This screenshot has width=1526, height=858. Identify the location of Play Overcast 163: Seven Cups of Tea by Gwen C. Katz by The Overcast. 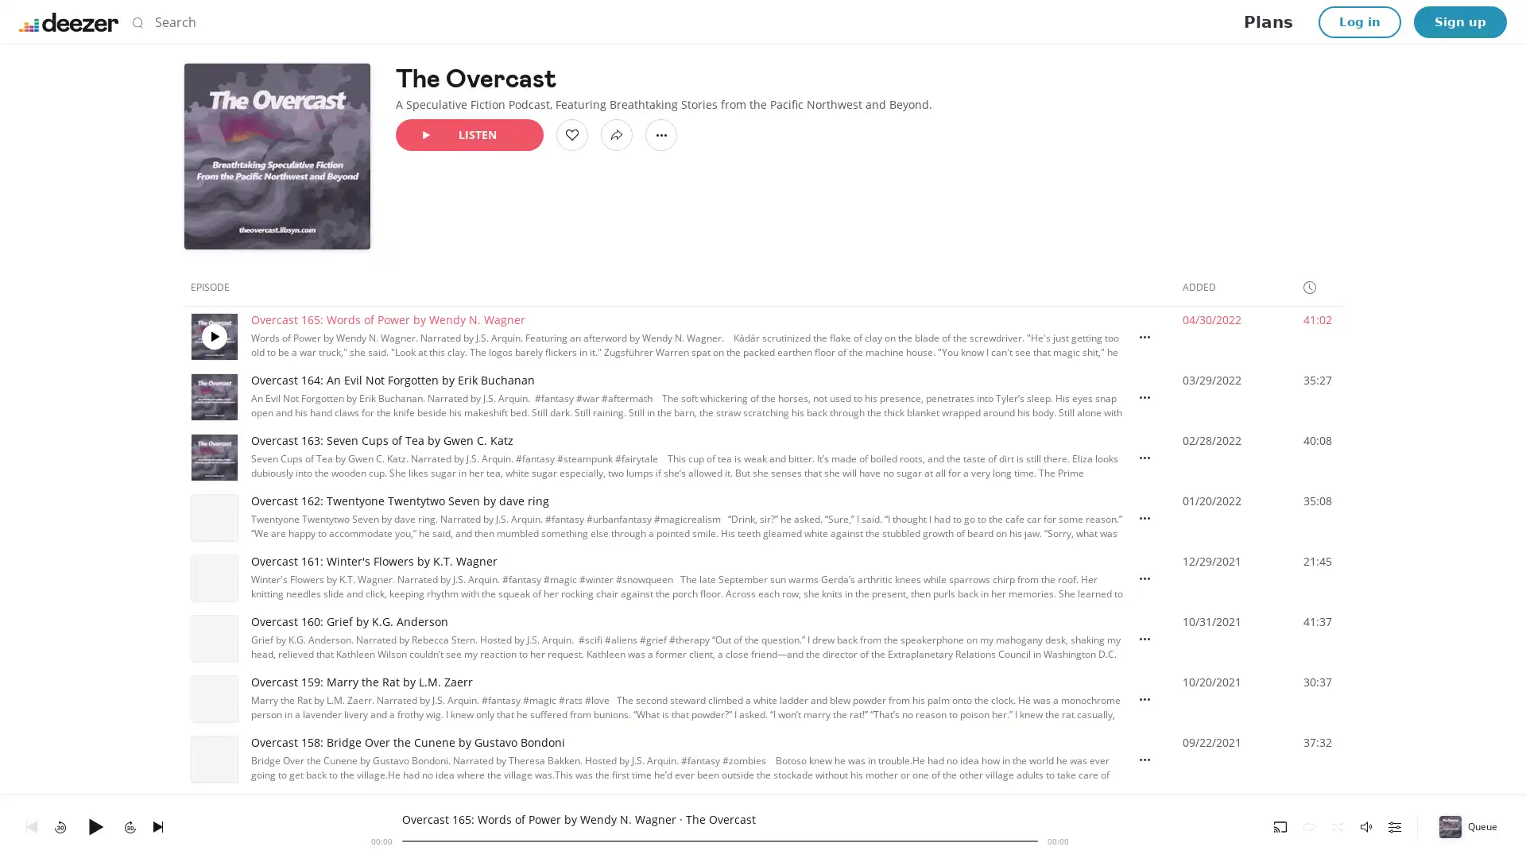
(213, 457).